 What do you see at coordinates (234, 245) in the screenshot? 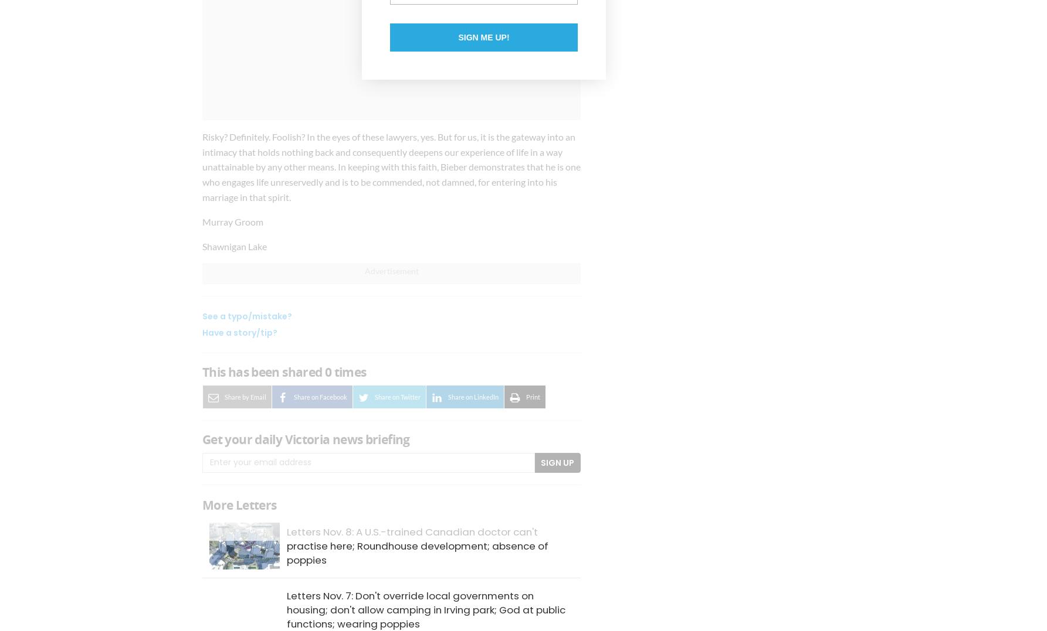
I see `'Shawnigan Lake'` at bounding box center [234, 245].